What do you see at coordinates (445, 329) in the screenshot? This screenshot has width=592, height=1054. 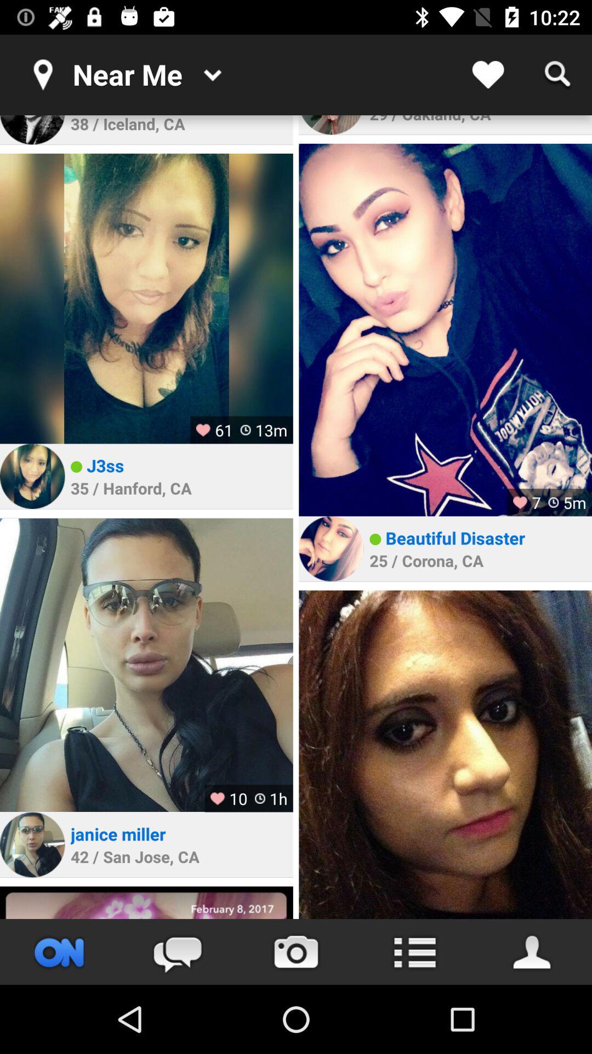 I see `picture of content` at bounding box center [445, 329].